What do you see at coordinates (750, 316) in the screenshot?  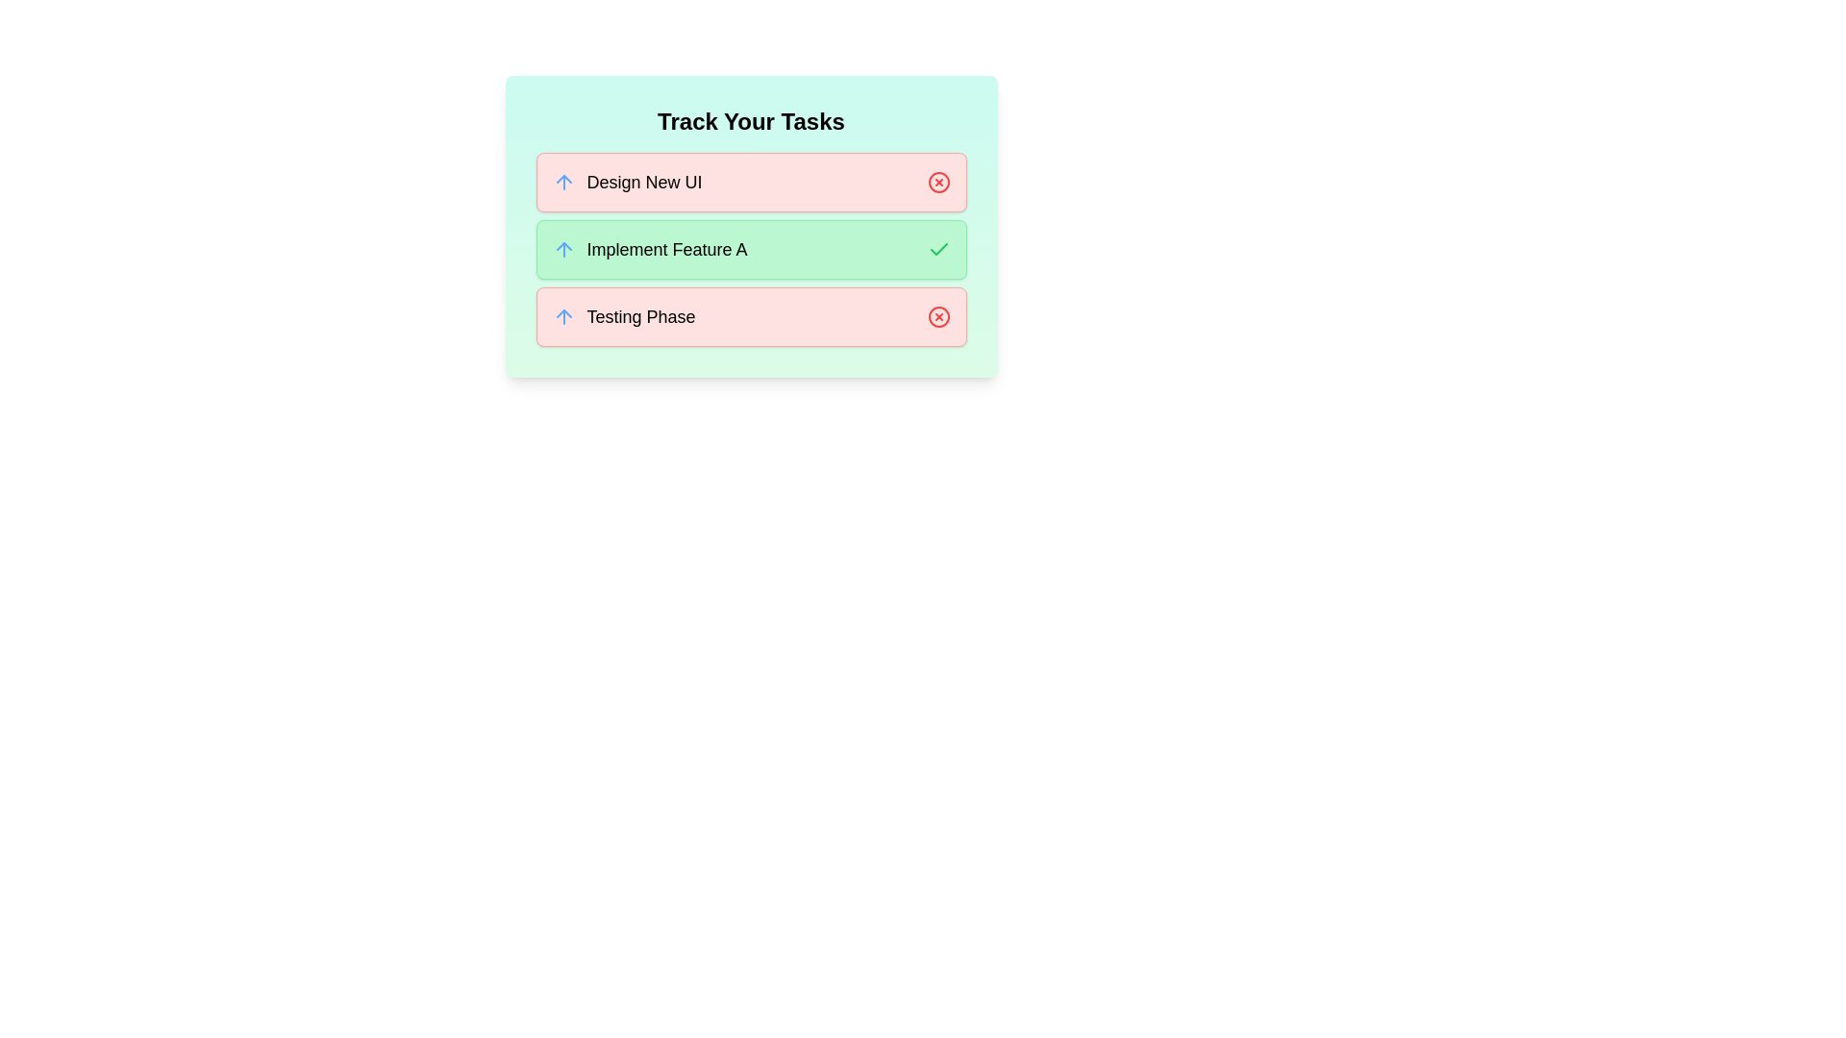 I see `the task card corresponding to Testing Phase to toggle its completion status` at bounding box center [750, 316].